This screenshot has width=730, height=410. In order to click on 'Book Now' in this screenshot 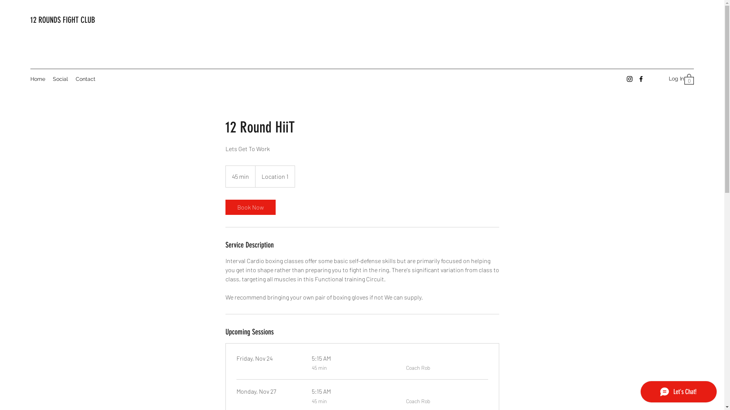, I will do `click(250, 207)`.